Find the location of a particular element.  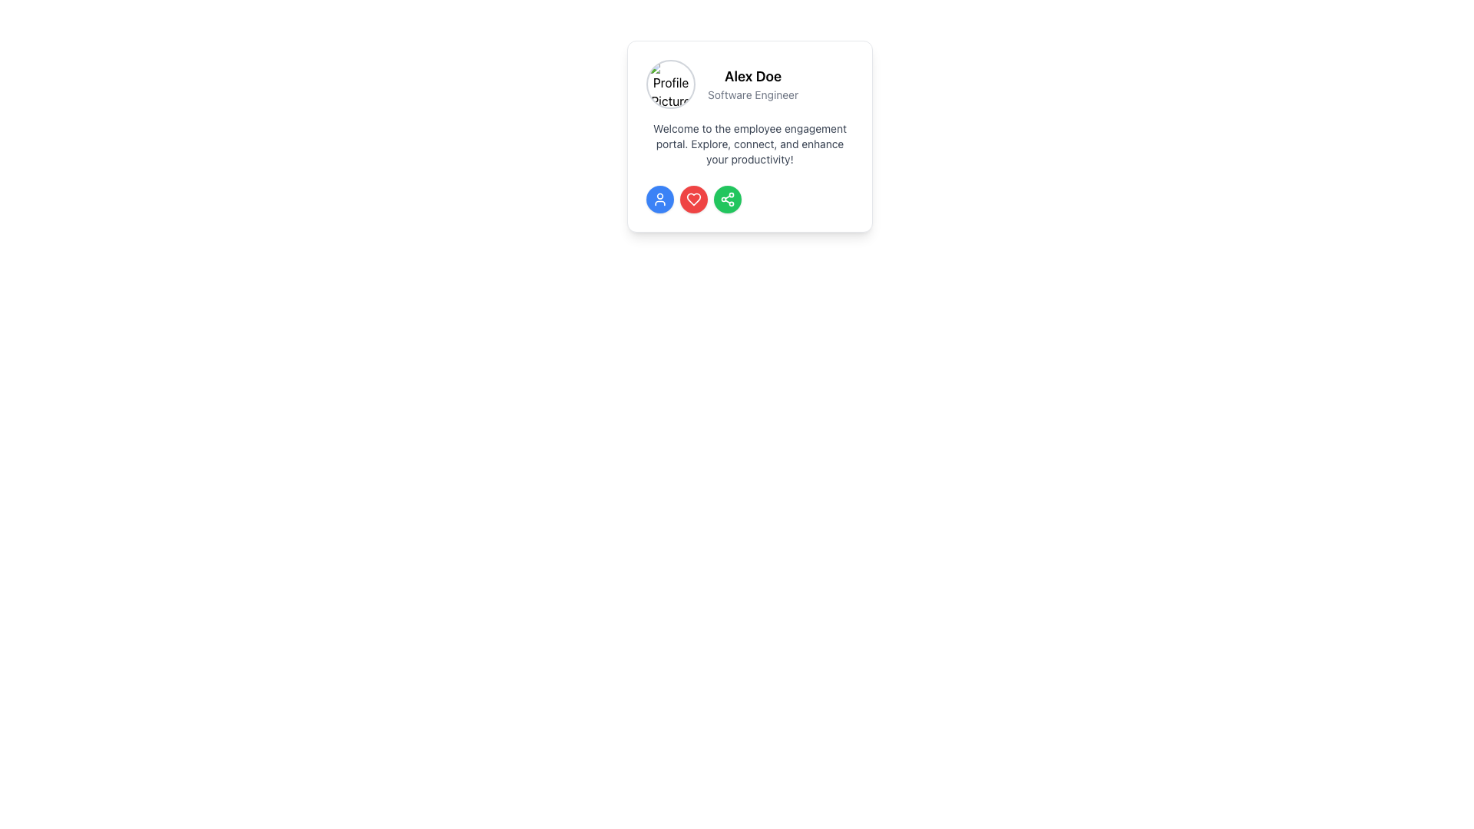

the 'Share' button, which is the fourth button in a row at the bottom of the profile card, located between the red heart button and another button is located at coordinates (727, 198).